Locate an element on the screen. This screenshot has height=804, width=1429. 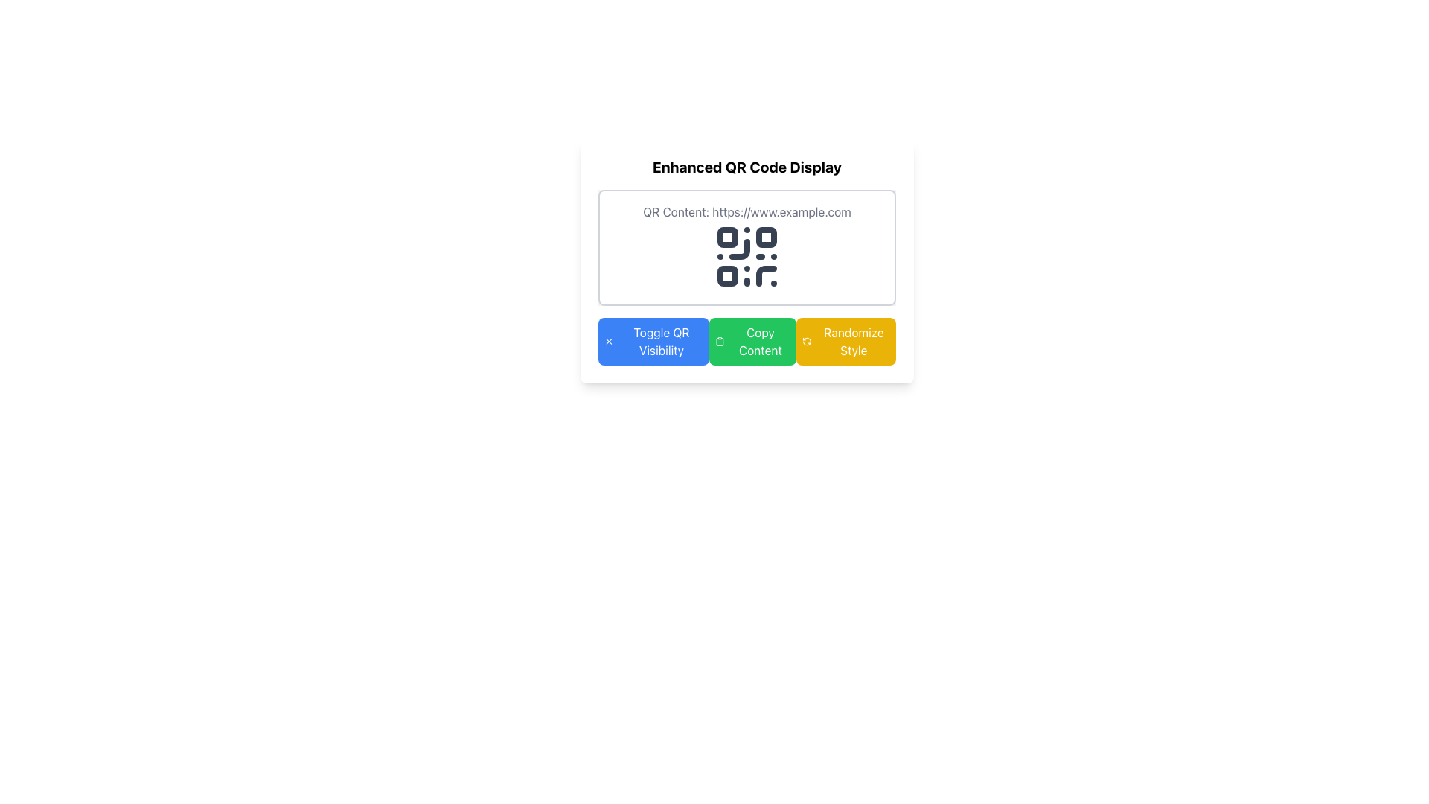
the graphical decoration element that is a segment of the QR code structure, located in the upper-left section of the QR code visualization is located at coordinates (739, 249).